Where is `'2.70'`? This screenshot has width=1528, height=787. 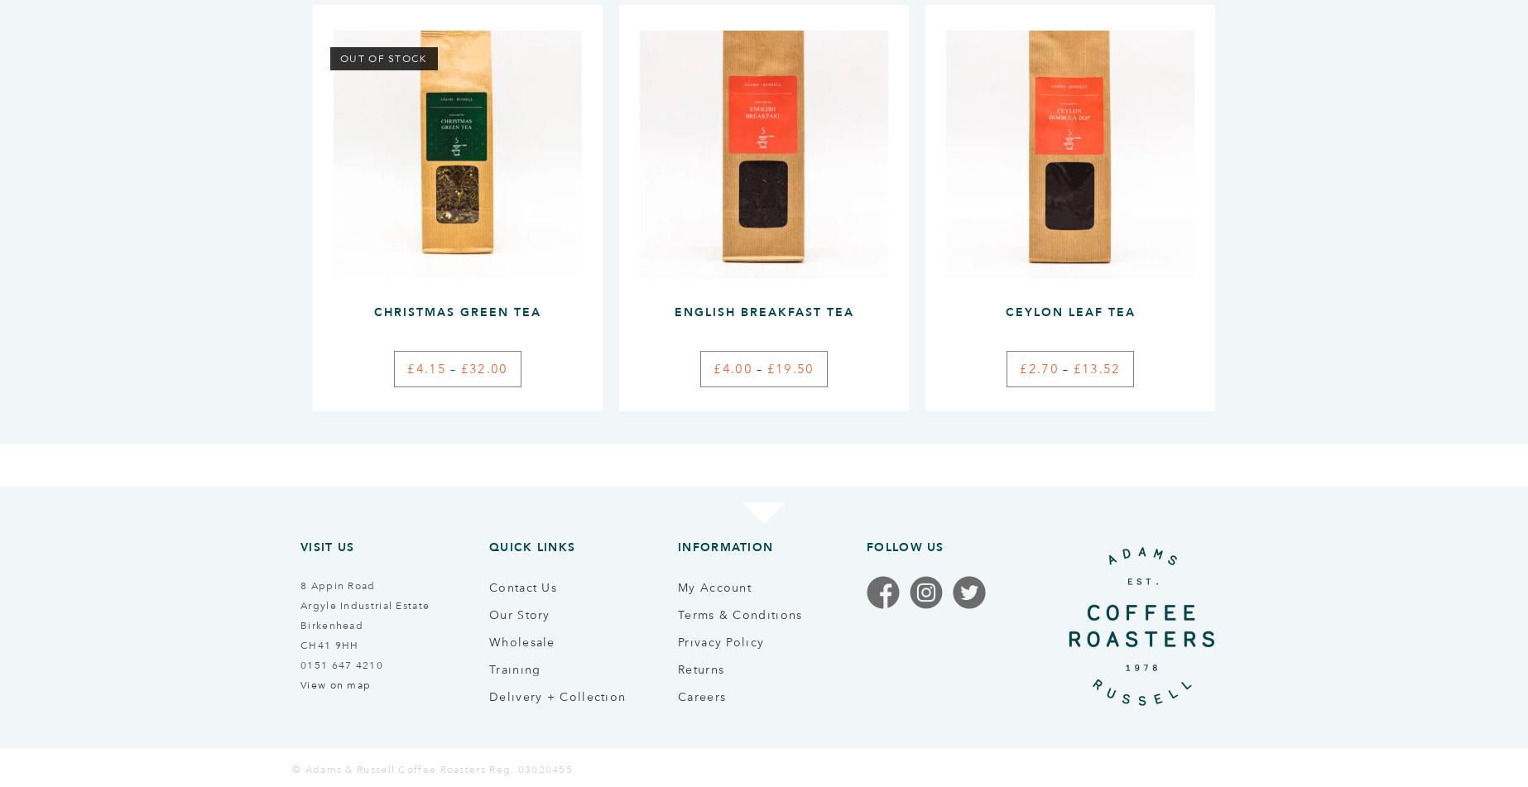 '2.70' is located at coordinates (1043, 367).